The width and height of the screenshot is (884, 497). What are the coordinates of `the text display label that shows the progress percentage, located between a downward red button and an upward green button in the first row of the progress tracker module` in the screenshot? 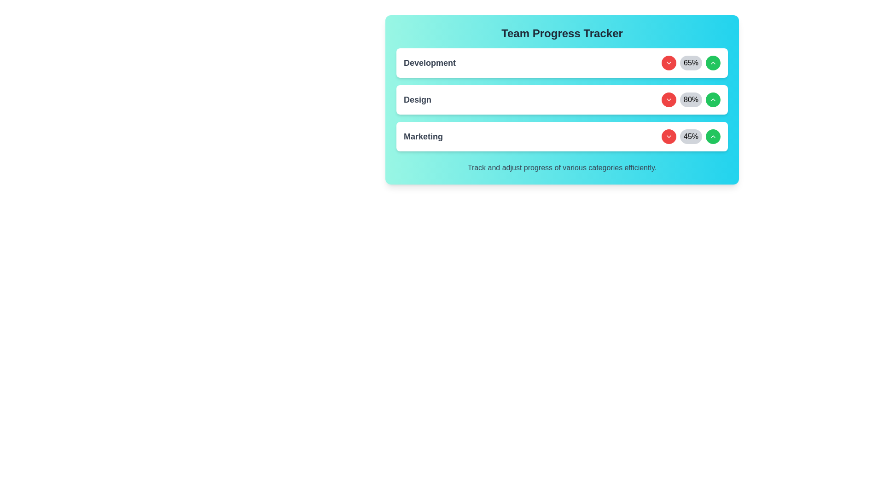 It's located at (691, 63).